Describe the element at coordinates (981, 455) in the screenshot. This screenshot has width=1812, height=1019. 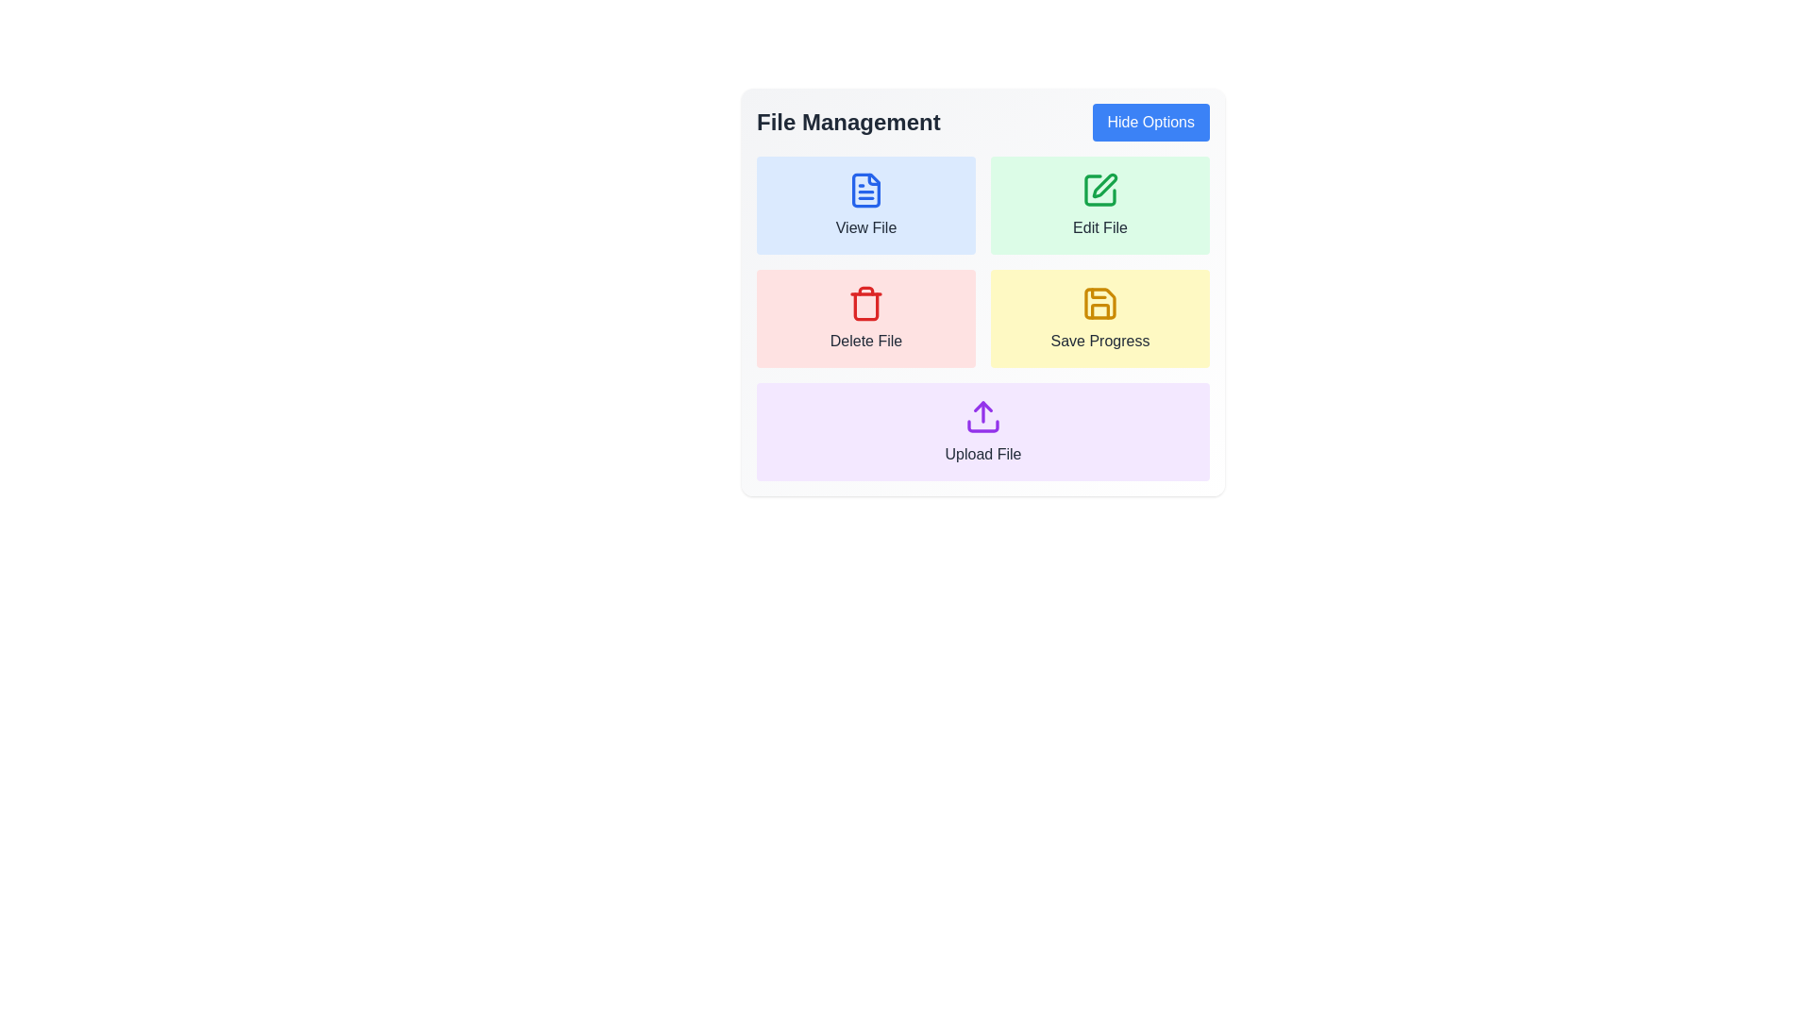
I see `the text label indicating the function of the card for uploading a file, located beneath the upload icon within the 'File Management' panel` at that location.